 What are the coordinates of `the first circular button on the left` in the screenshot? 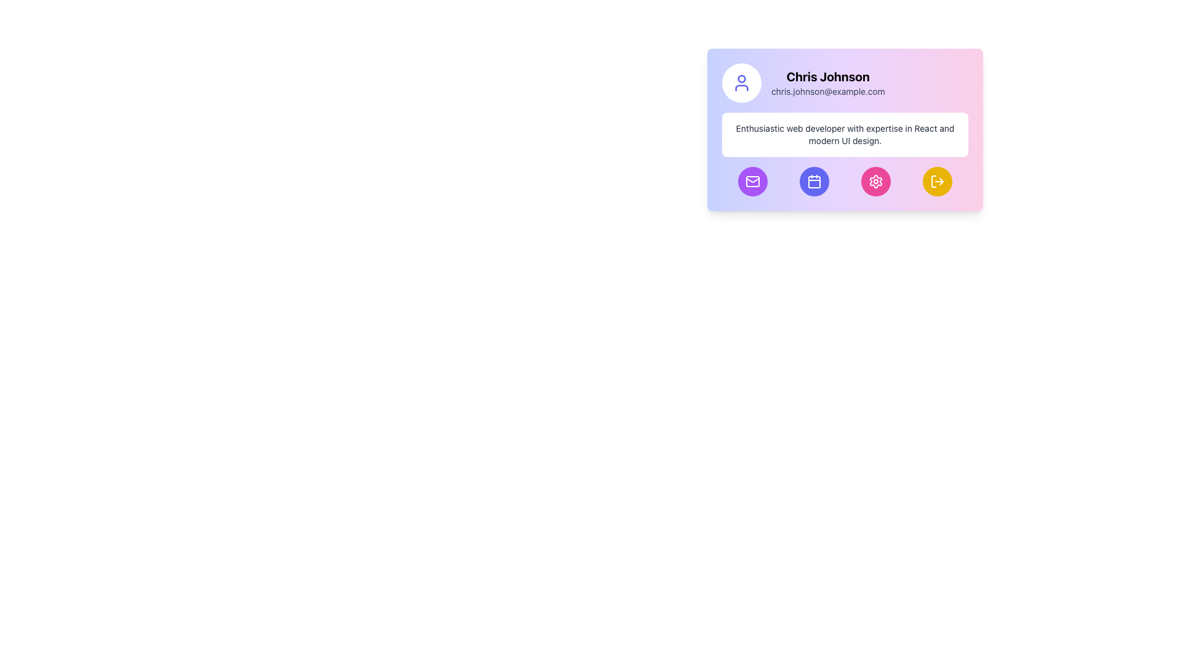 It's located at (752, 181).